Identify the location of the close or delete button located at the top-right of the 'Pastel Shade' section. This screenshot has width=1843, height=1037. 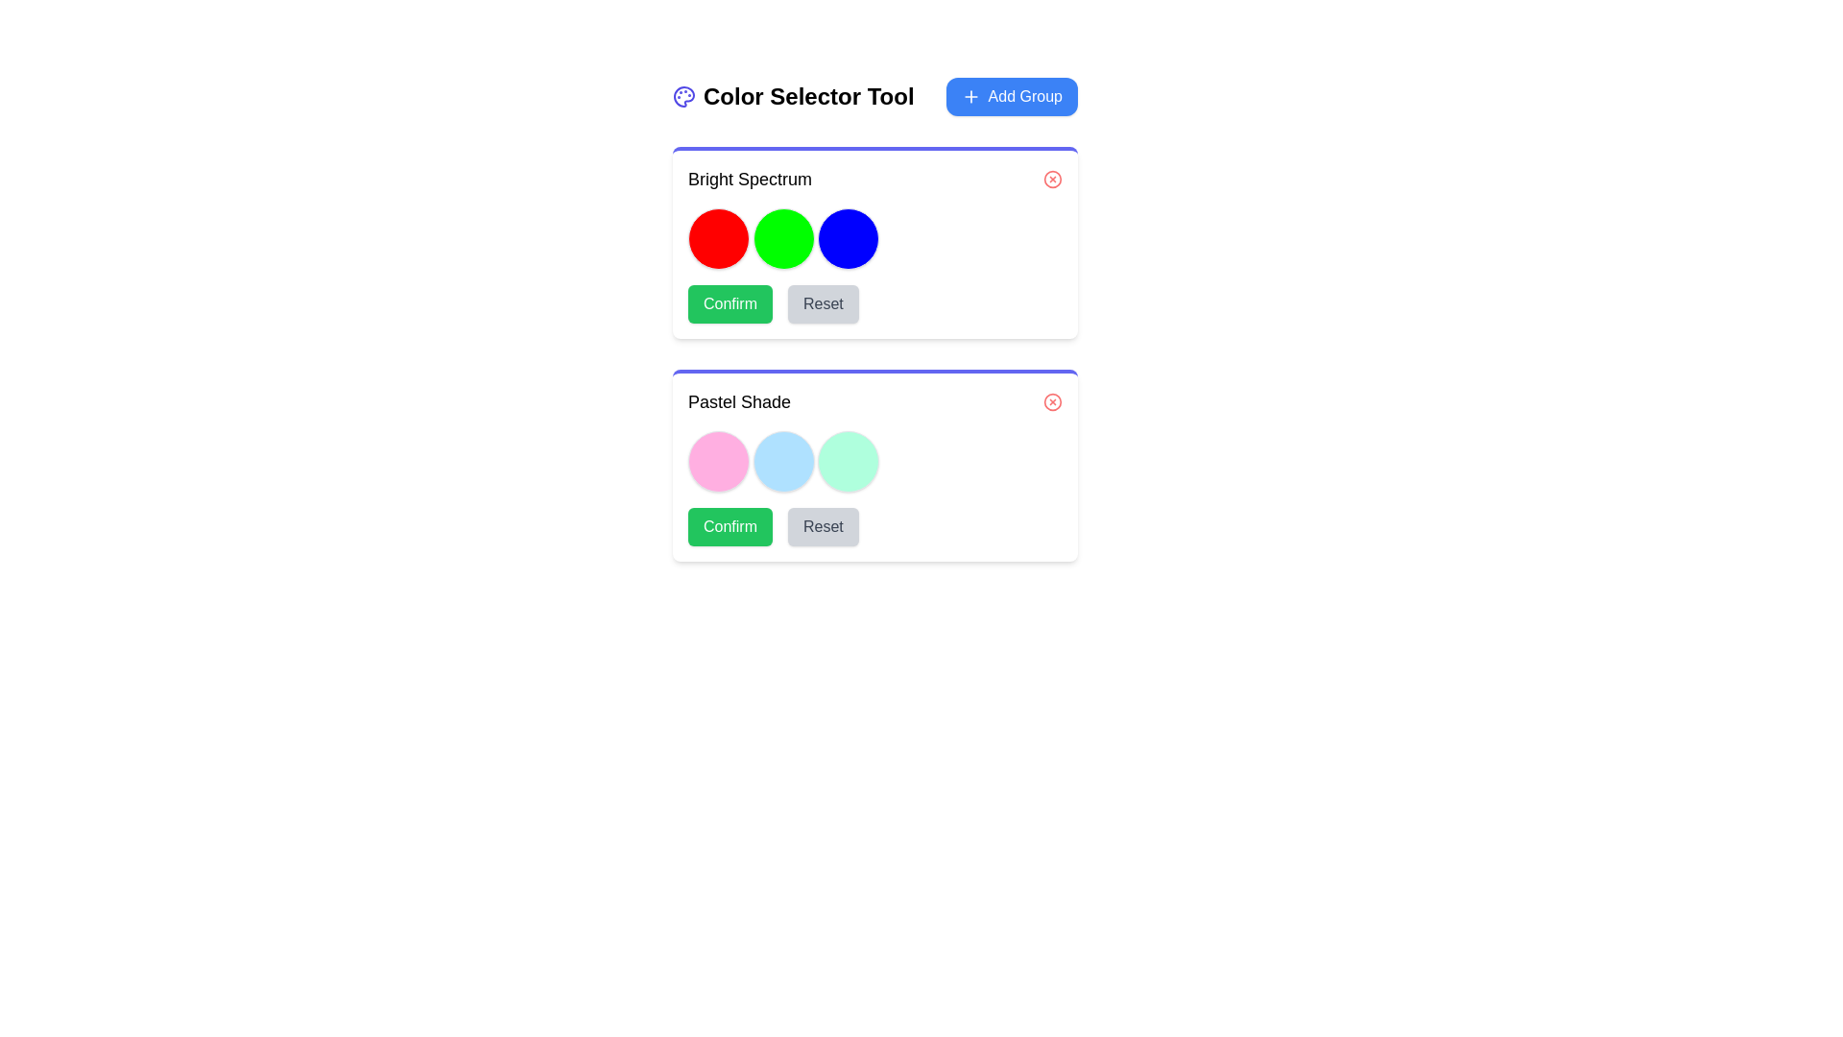
(1052, 401).